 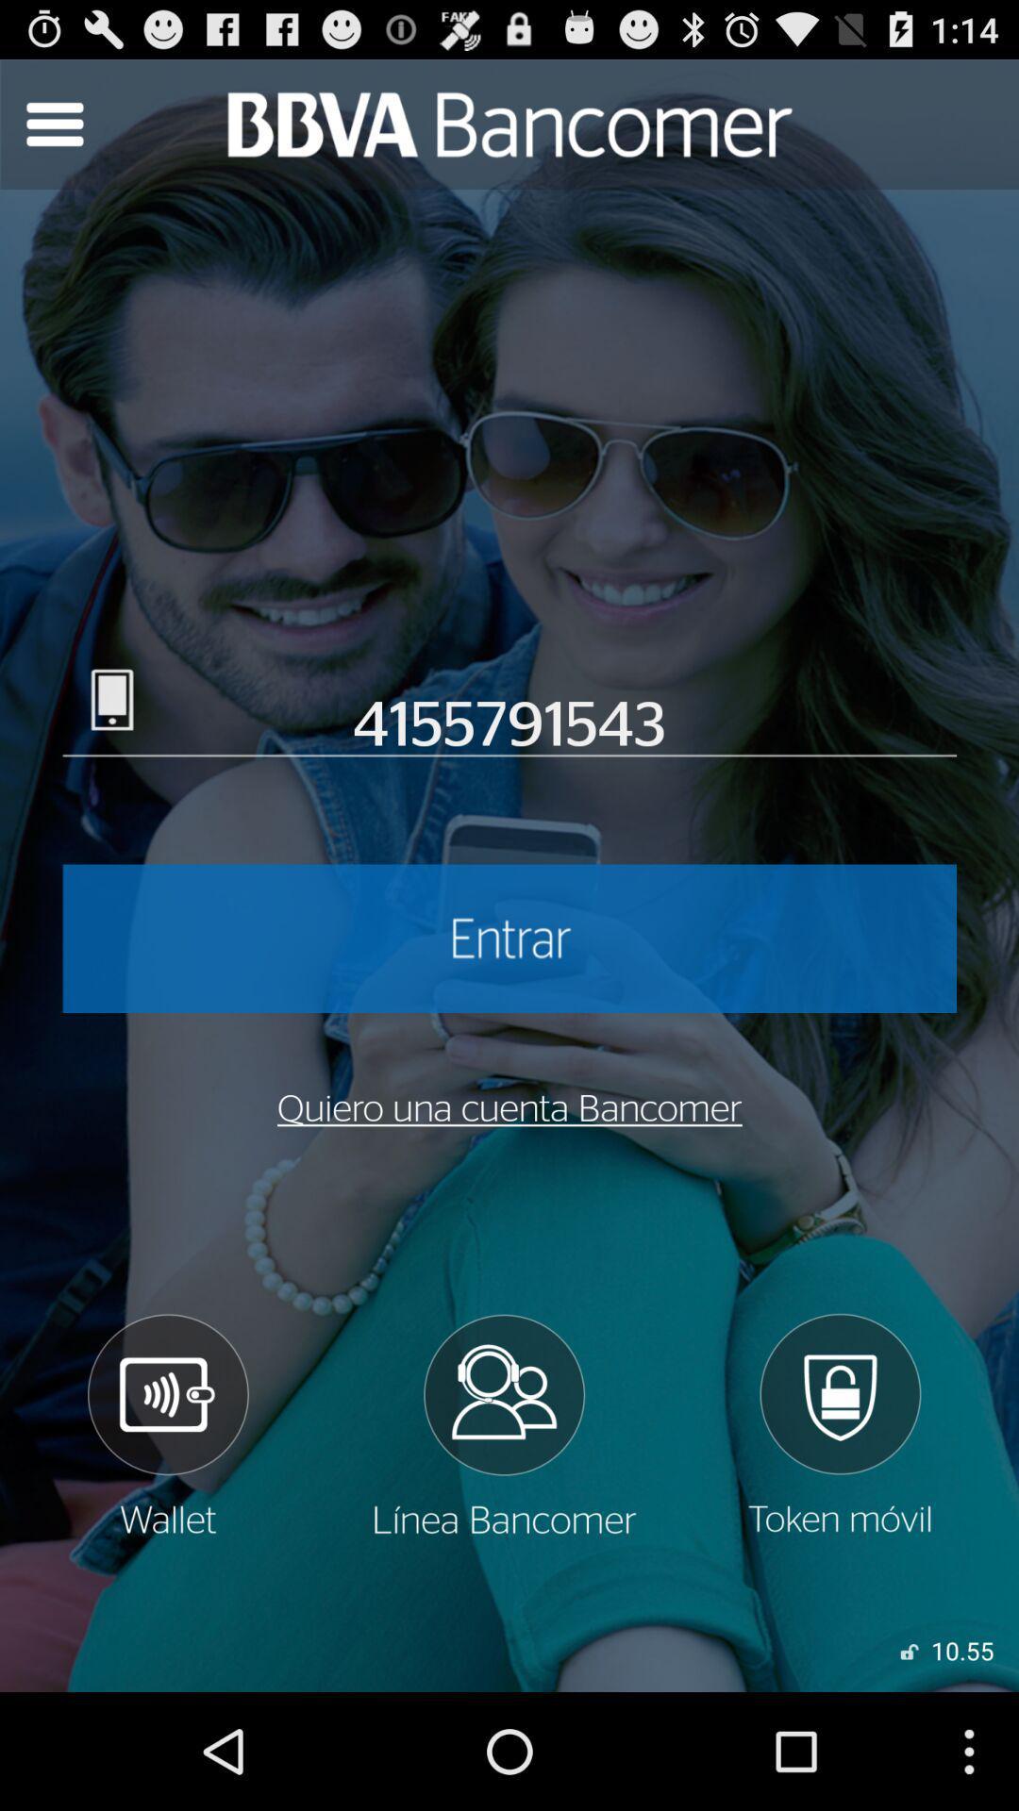 What do you see at coordinates (509, 939) in the screenshot?
I see `account` at bounding box center [509, 939].